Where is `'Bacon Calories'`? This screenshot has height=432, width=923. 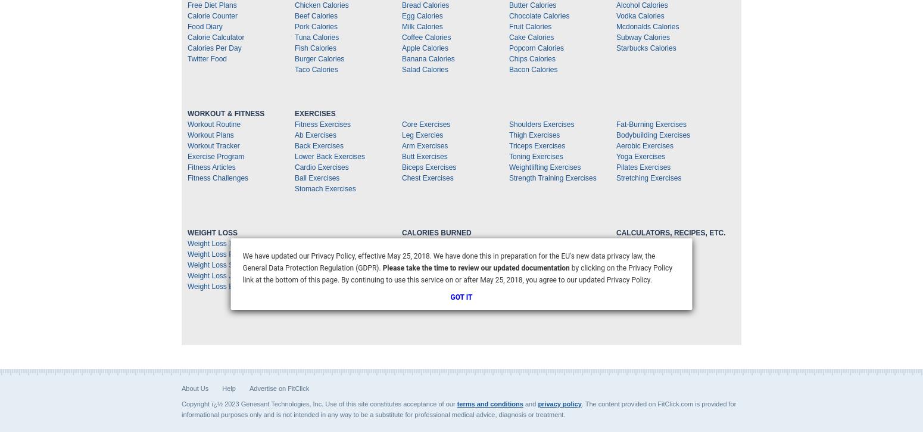 'Bacon Calories' is located at coordinates (533, 70).